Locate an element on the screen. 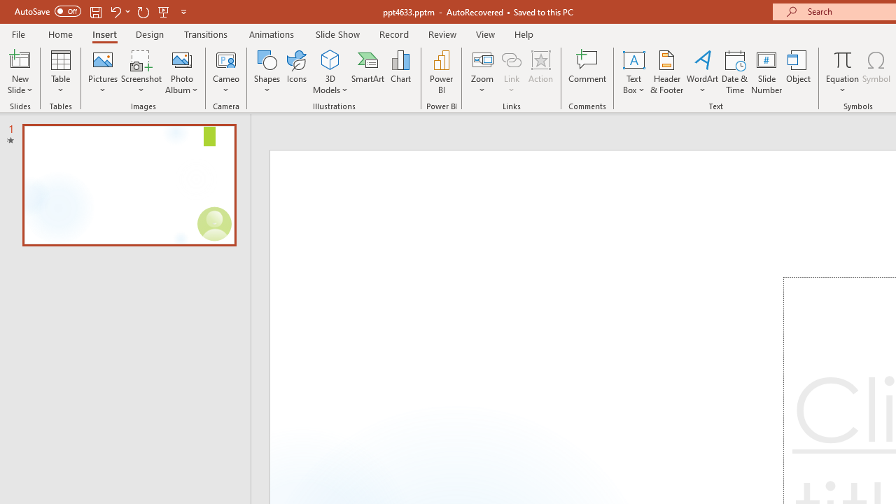 The width and height of the screenshot is (896, 504). 'Chart...' is located at coordinates (400, 72).